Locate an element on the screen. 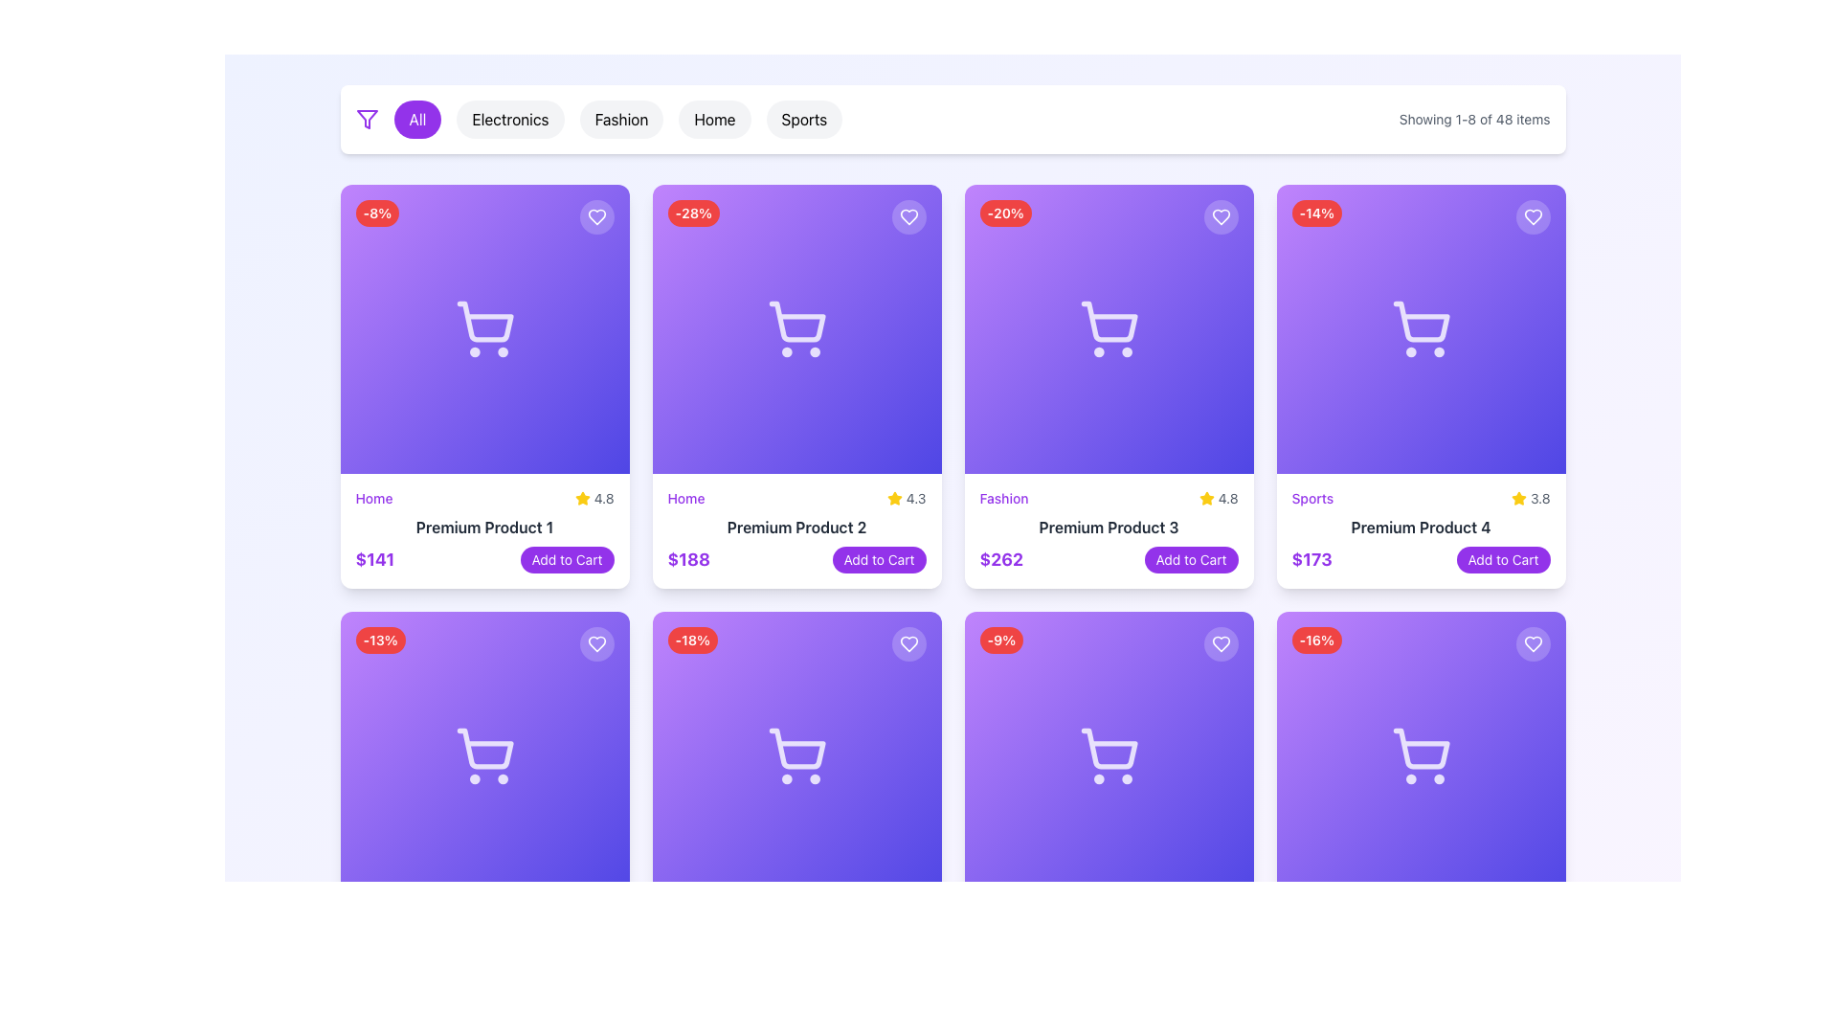 The image size is (1838, 1034). the heart icon button located at the top right corner of the card for 'Premium Product 3' to mark the item as a favorite is located at coordinates (1220, 643).